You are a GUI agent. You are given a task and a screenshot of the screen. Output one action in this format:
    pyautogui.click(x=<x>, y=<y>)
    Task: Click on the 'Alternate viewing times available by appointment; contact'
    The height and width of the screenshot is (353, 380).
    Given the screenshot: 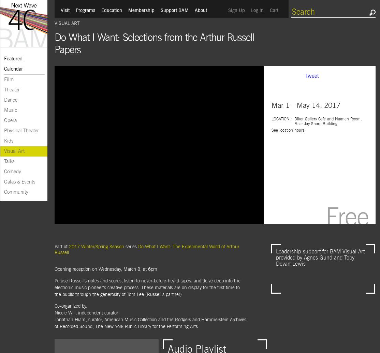 What is the action you would take?
    pyautogui.click(x=311, y=129)
    